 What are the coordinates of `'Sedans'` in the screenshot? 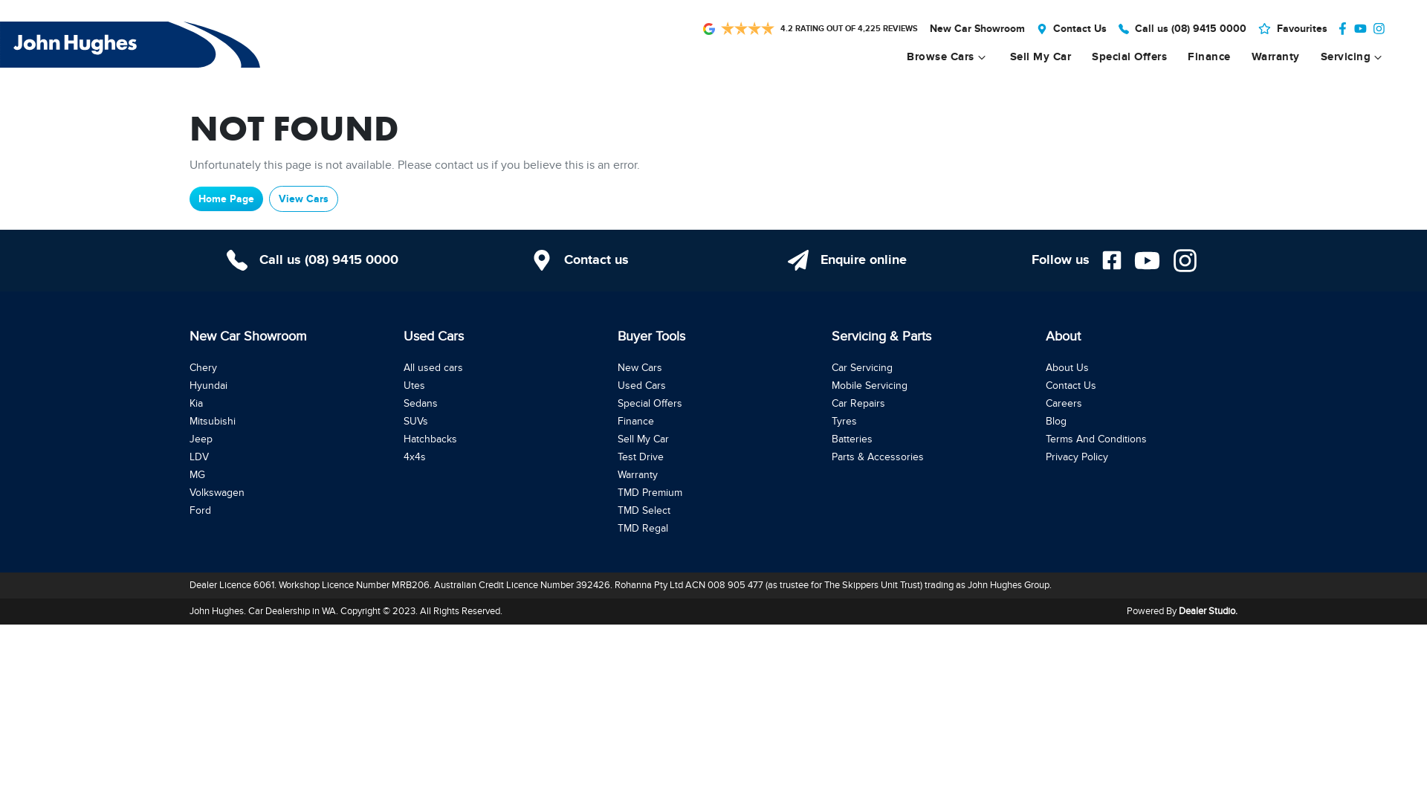 It's located at (420, 403).